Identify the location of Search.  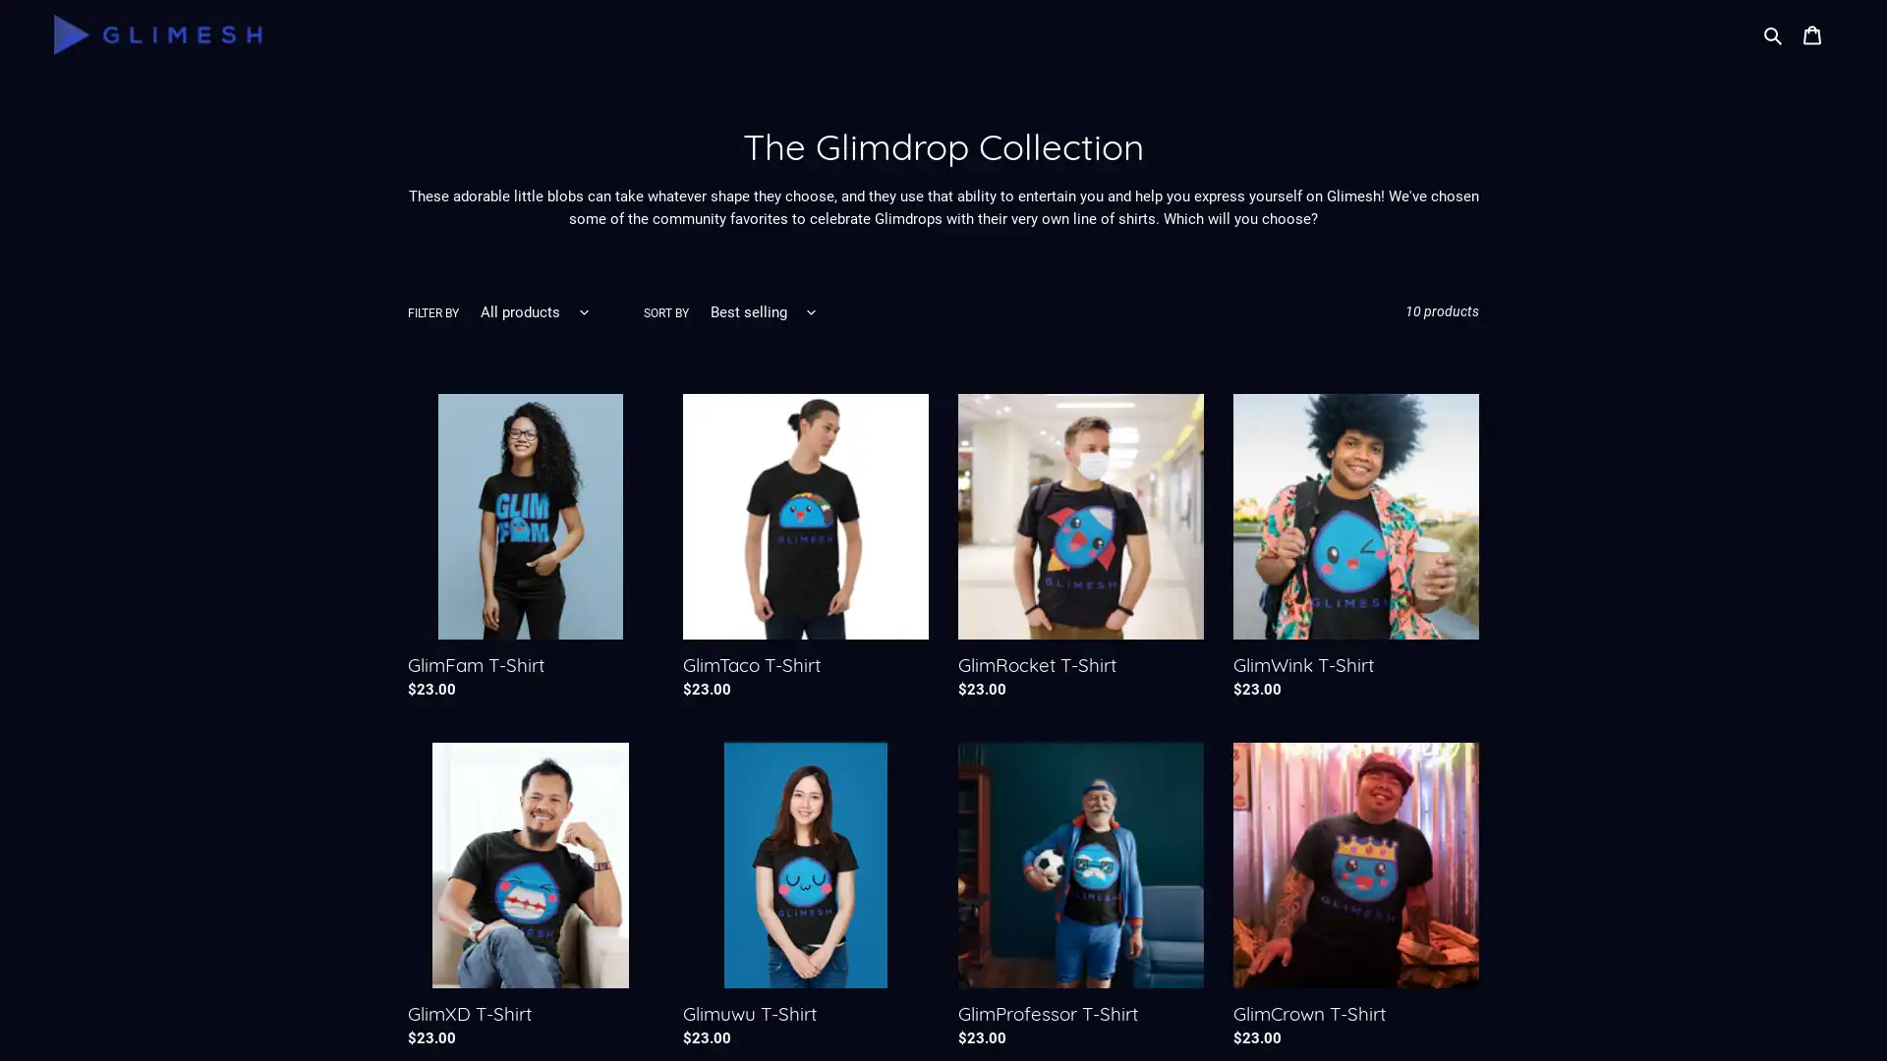
(1774, 33).